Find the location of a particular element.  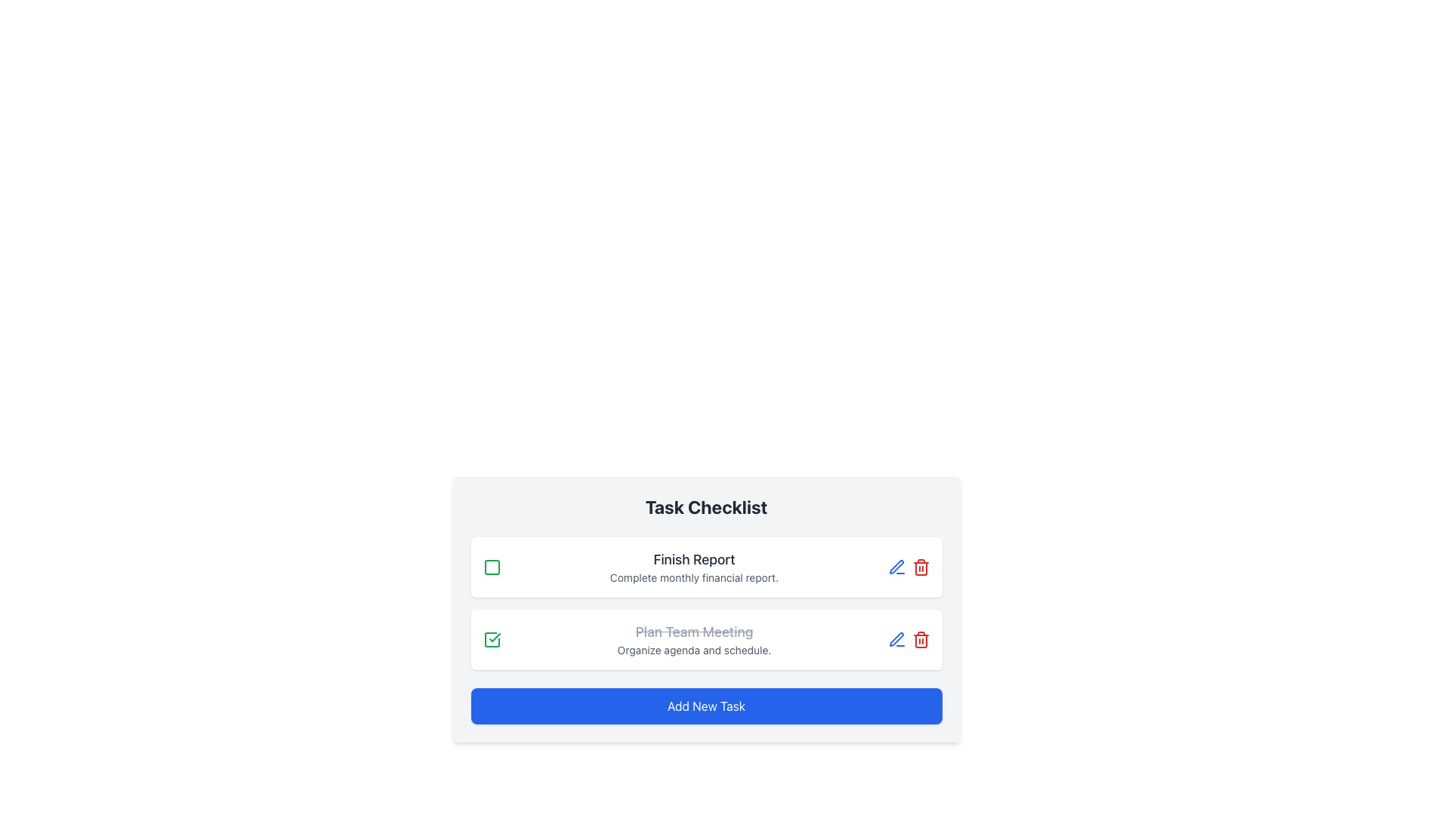

the small square icon with a transparent or white interior and a visible border located at the left side of the first entry in the checklist to mark the task is located at coordinates (492, 567).